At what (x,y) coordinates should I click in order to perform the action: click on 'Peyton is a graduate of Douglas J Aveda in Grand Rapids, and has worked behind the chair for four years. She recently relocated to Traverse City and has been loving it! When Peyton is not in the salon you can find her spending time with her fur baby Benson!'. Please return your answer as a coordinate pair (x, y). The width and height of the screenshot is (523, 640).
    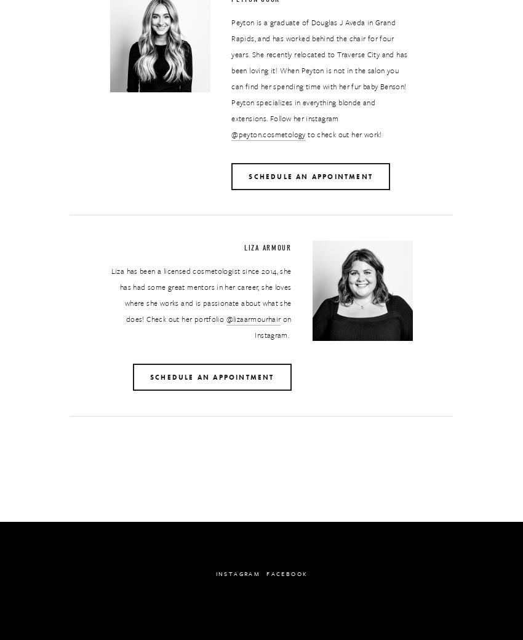
    Looking at the image, I should click on (319, 53).